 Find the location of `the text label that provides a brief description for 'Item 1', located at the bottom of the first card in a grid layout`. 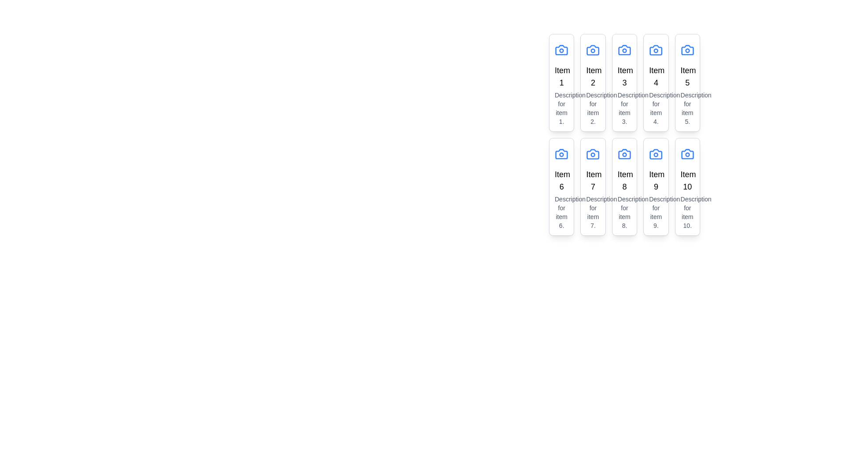

the text label that provides a brief description for 'Item 1', located at the bottom of the first card in a grid layout is located at coordinates (561, 108).